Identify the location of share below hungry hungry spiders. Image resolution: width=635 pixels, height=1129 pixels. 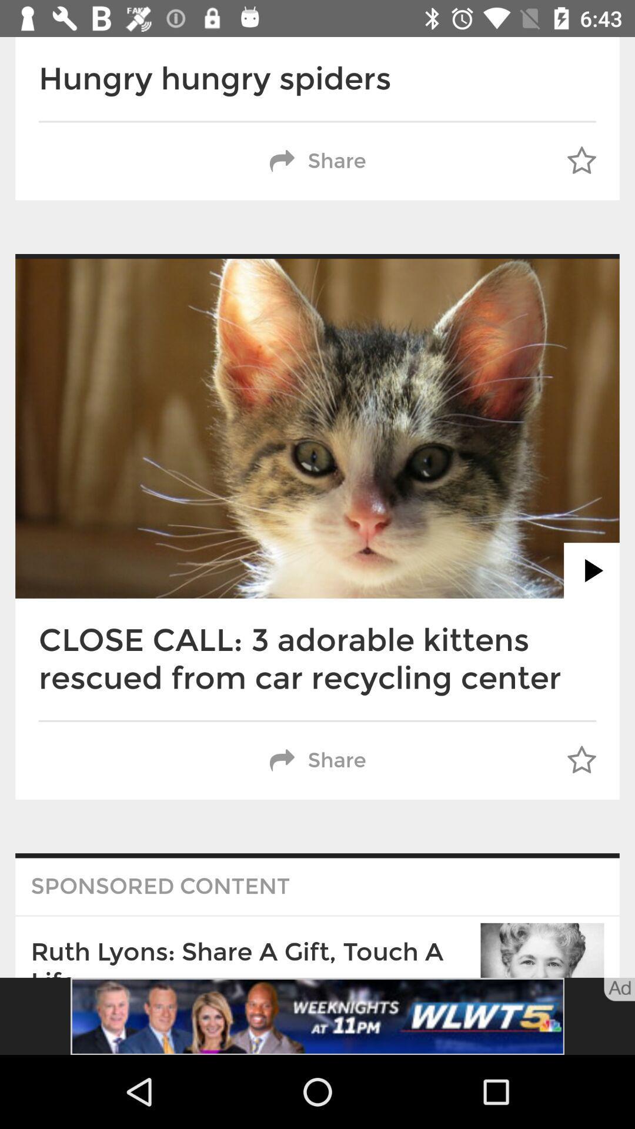
(317, 161).